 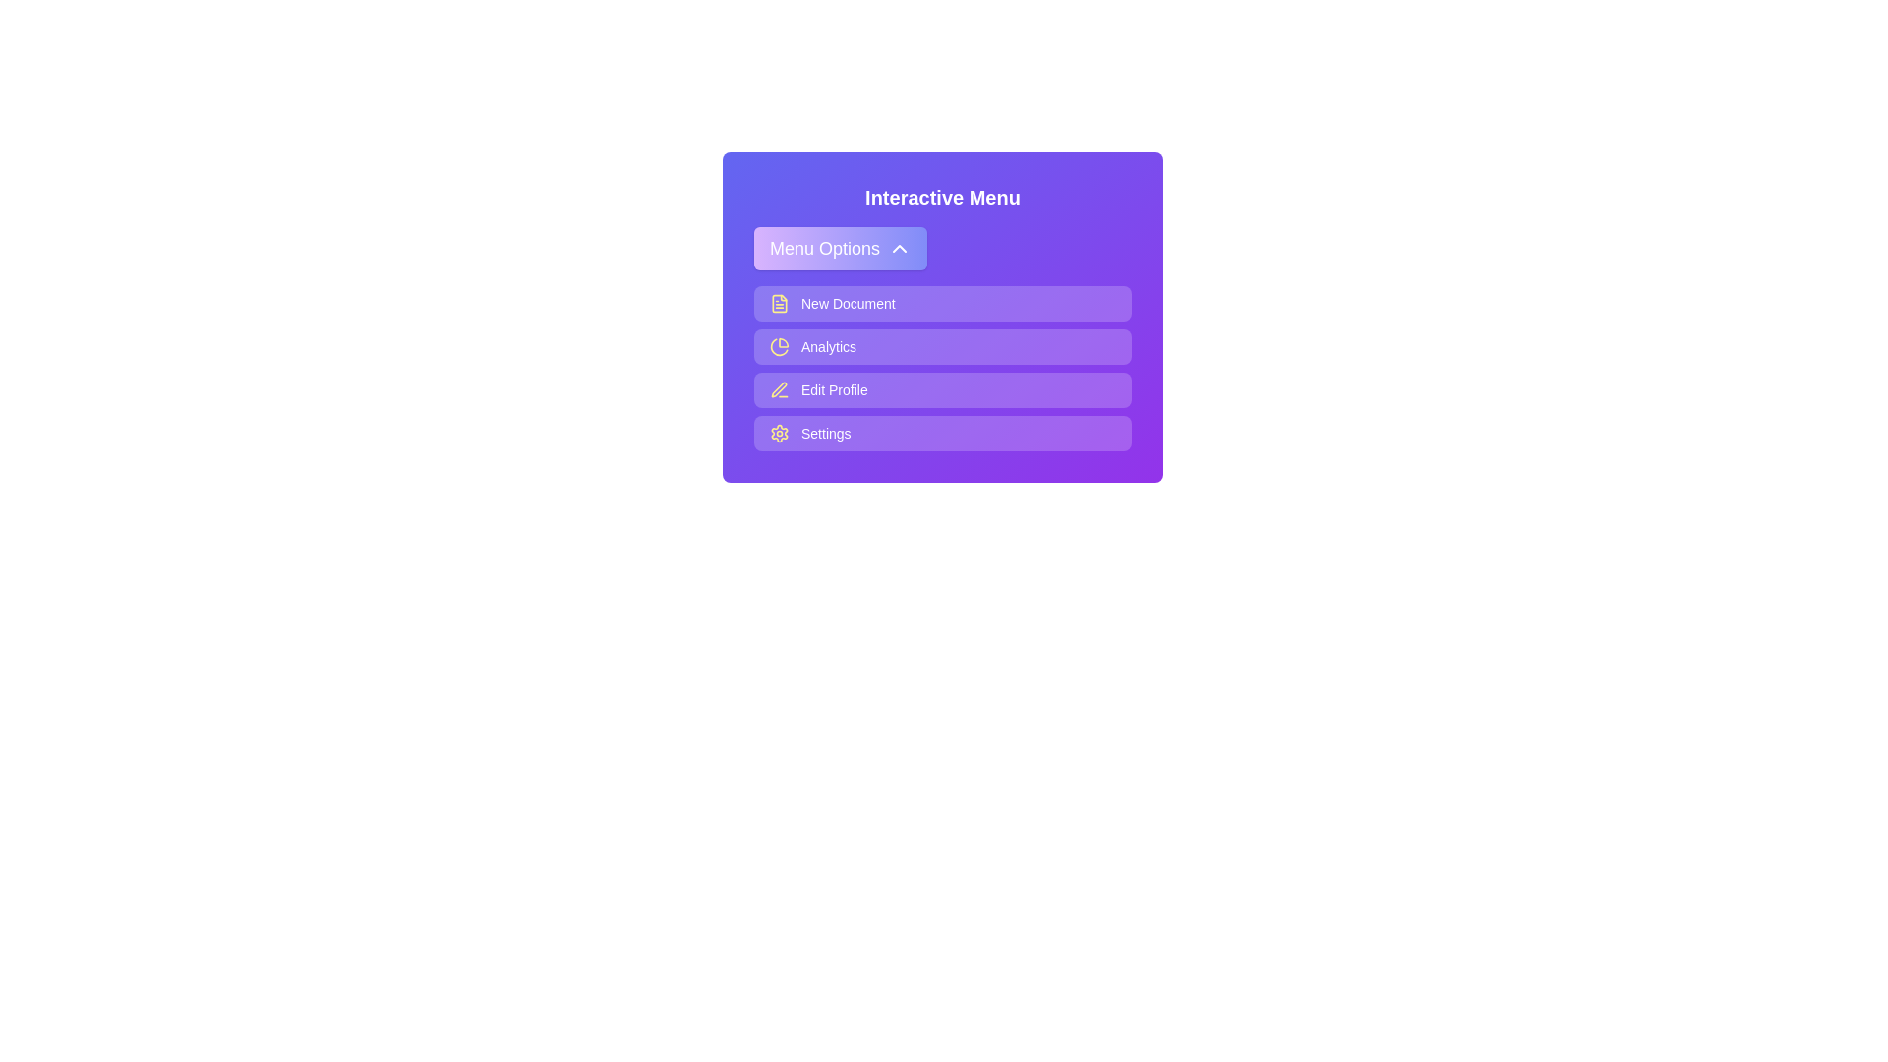 I want to click on the 'Edit Profile' button located in the purple menu panel, positioned between the 'Analytics' button above and the 'Settings' button below, so click(x=942, y=390).